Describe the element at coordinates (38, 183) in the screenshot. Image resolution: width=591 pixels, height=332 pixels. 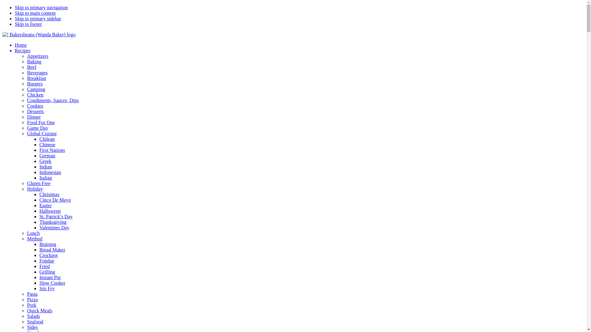
I see `'Gluten Free'` at that location.